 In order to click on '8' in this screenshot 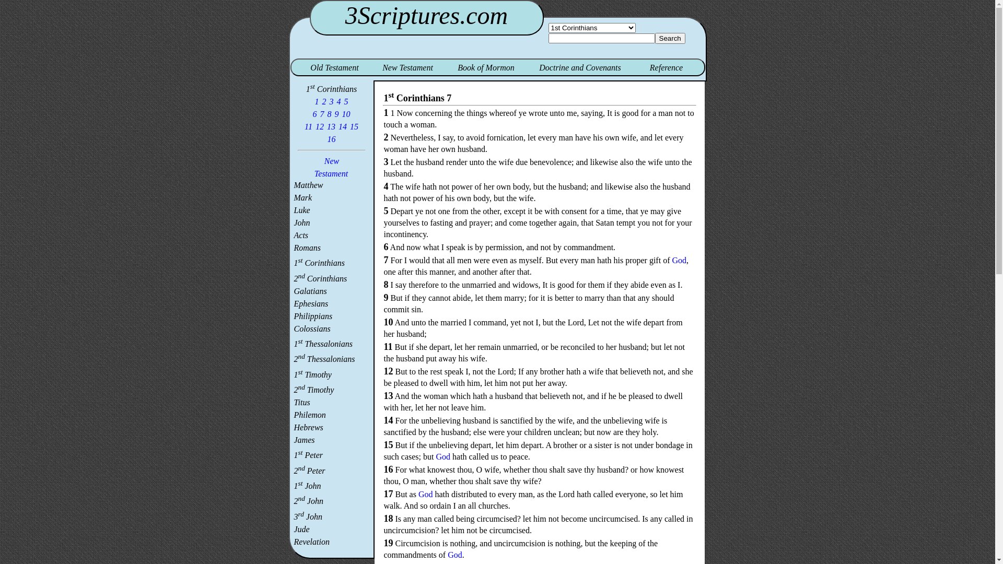, I will do `click(329, 114)`.